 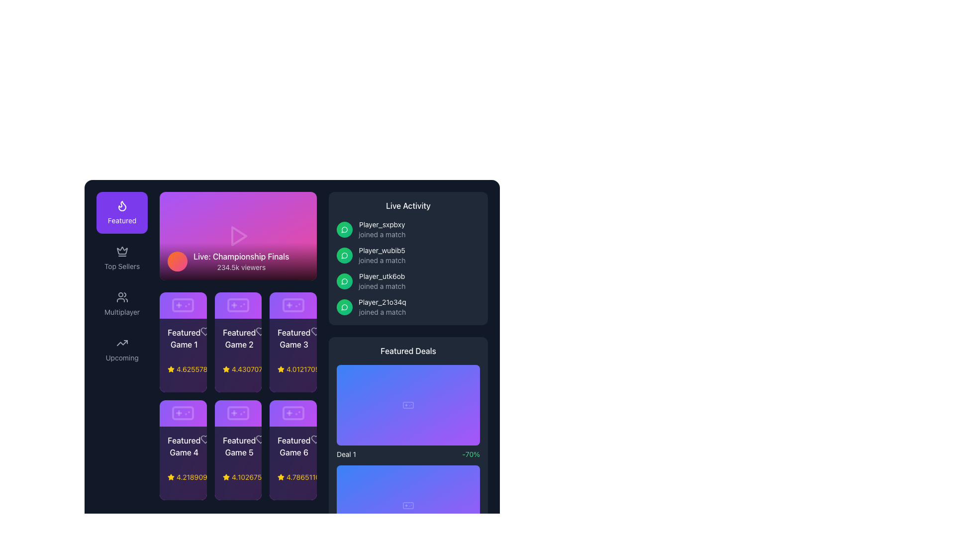 I want to click on the star icon that indicates the rating or highlight feature for 'Featured Game 6', located in the bottom row of the grid layout, so click(x=281, y=476).